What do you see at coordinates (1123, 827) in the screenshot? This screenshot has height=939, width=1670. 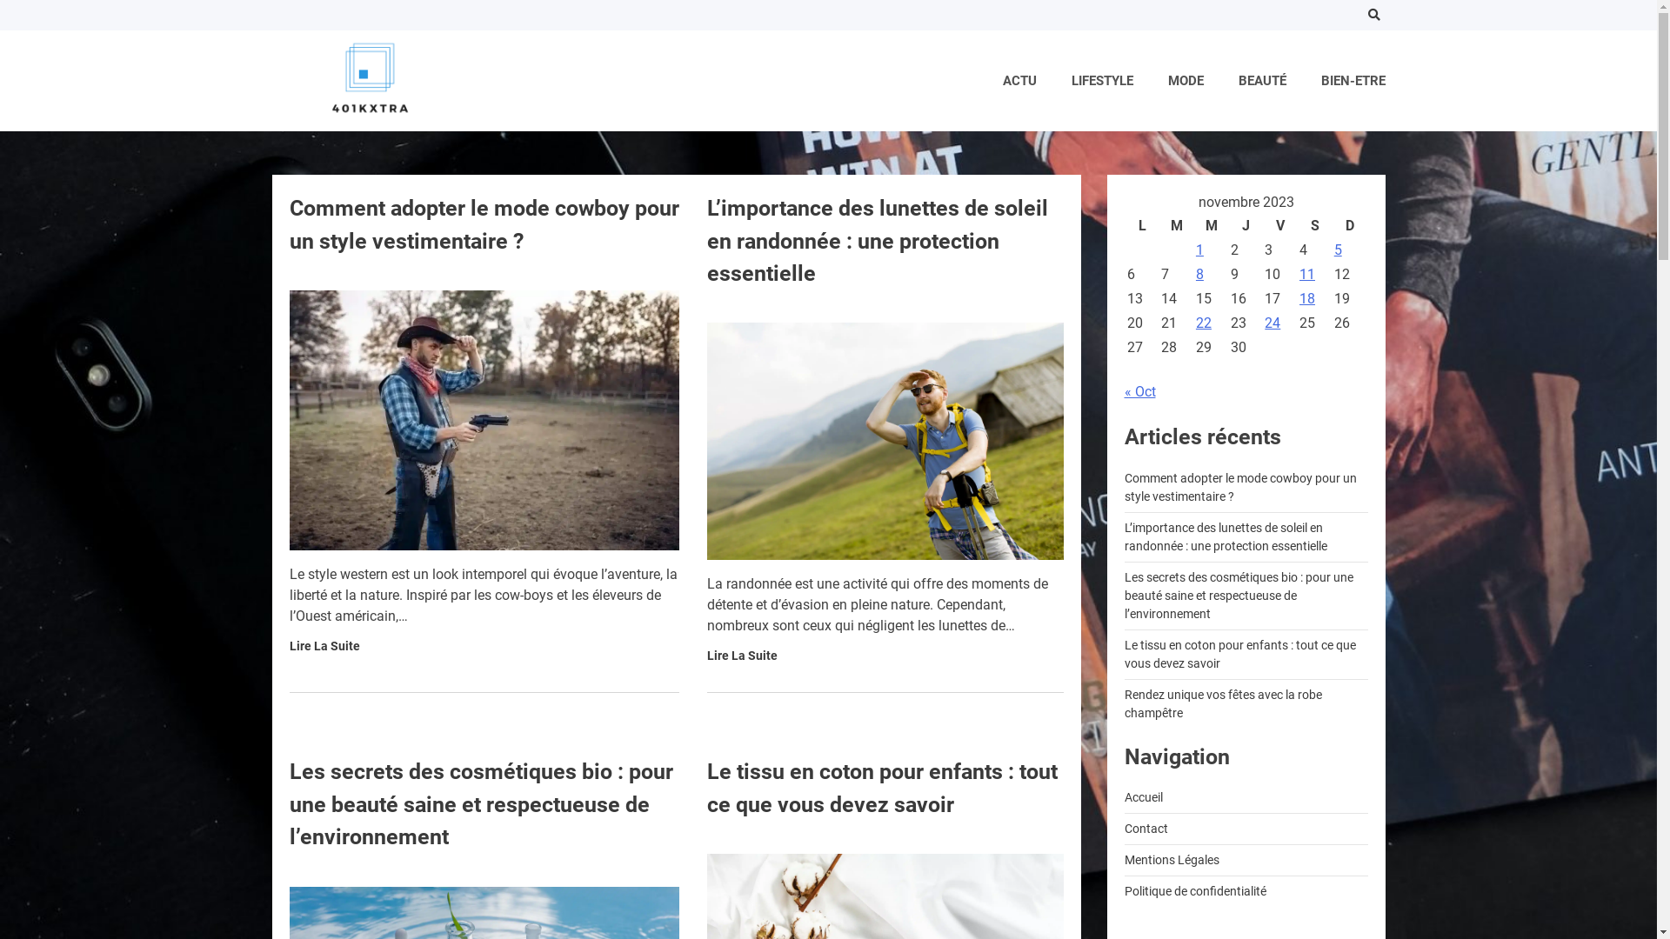 I see `'Contact'` at bounding box center [1123, 827].